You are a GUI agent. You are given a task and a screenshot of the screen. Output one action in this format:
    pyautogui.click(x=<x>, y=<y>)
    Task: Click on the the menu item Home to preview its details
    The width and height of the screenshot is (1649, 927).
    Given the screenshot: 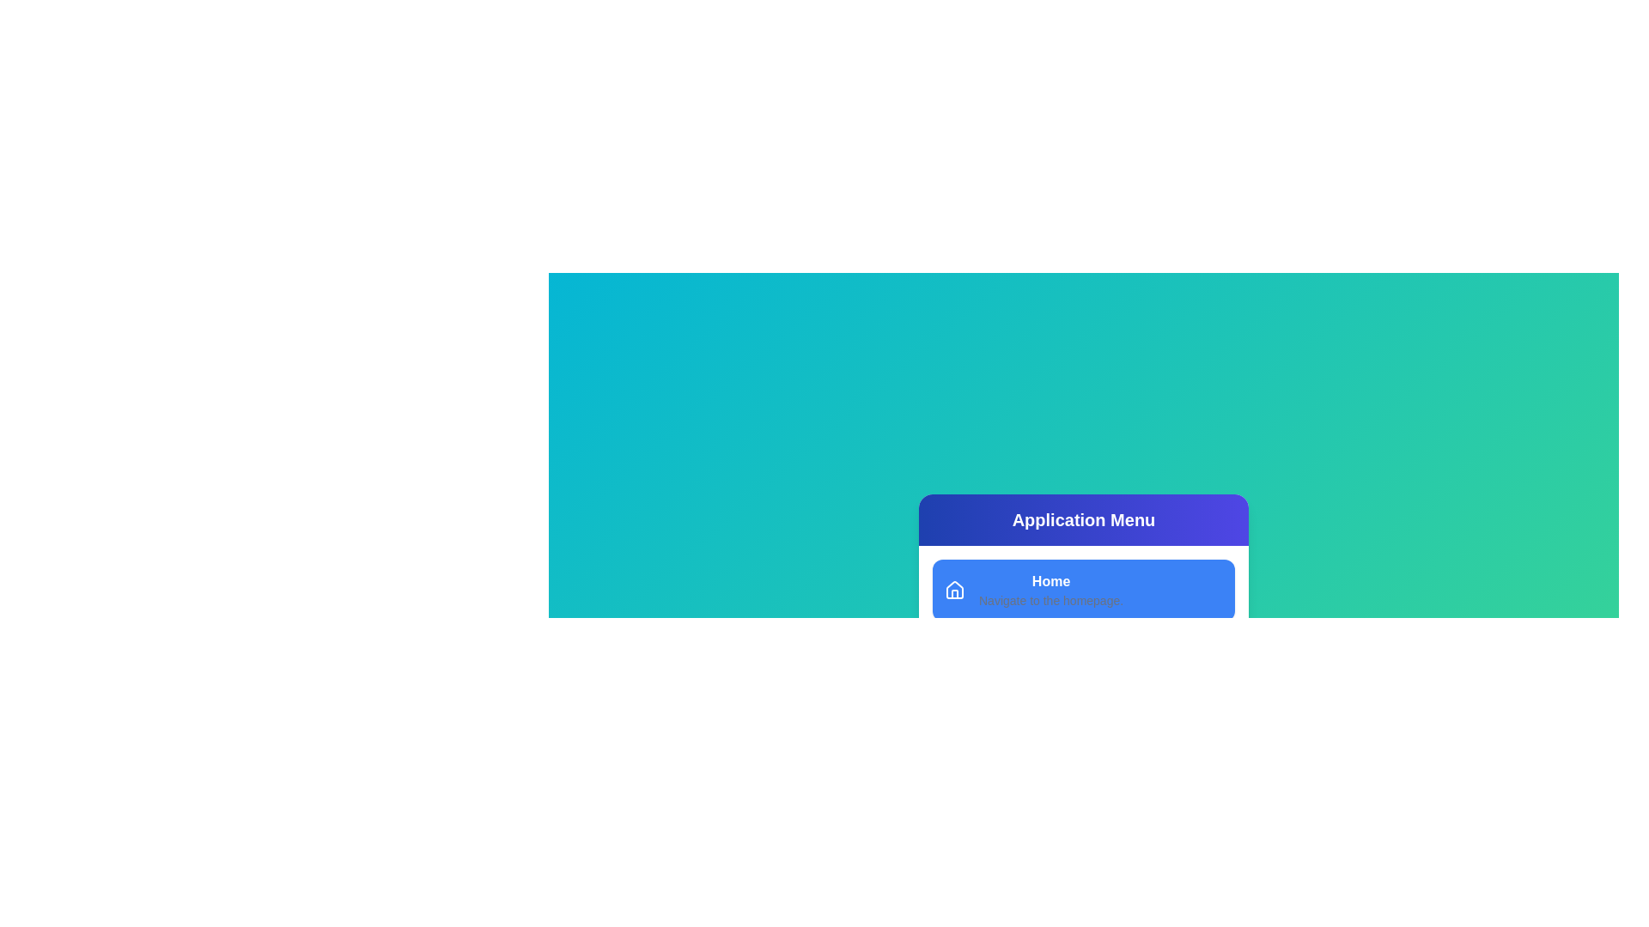 What is the action you would take?
    pyautogui.click(x=1083, y=589)
    